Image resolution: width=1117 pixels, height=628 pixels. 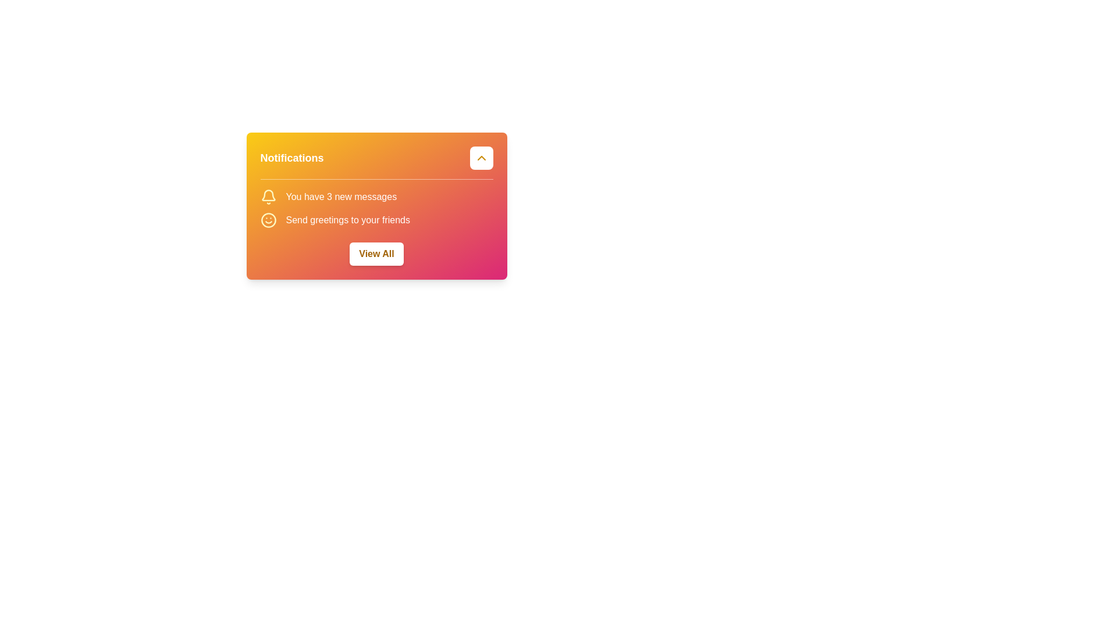 I want to click on the 'View All' button located at the bottom of the notification box with a gradient orange-to-pink background to observe a style change, so click(x=376, y=253).